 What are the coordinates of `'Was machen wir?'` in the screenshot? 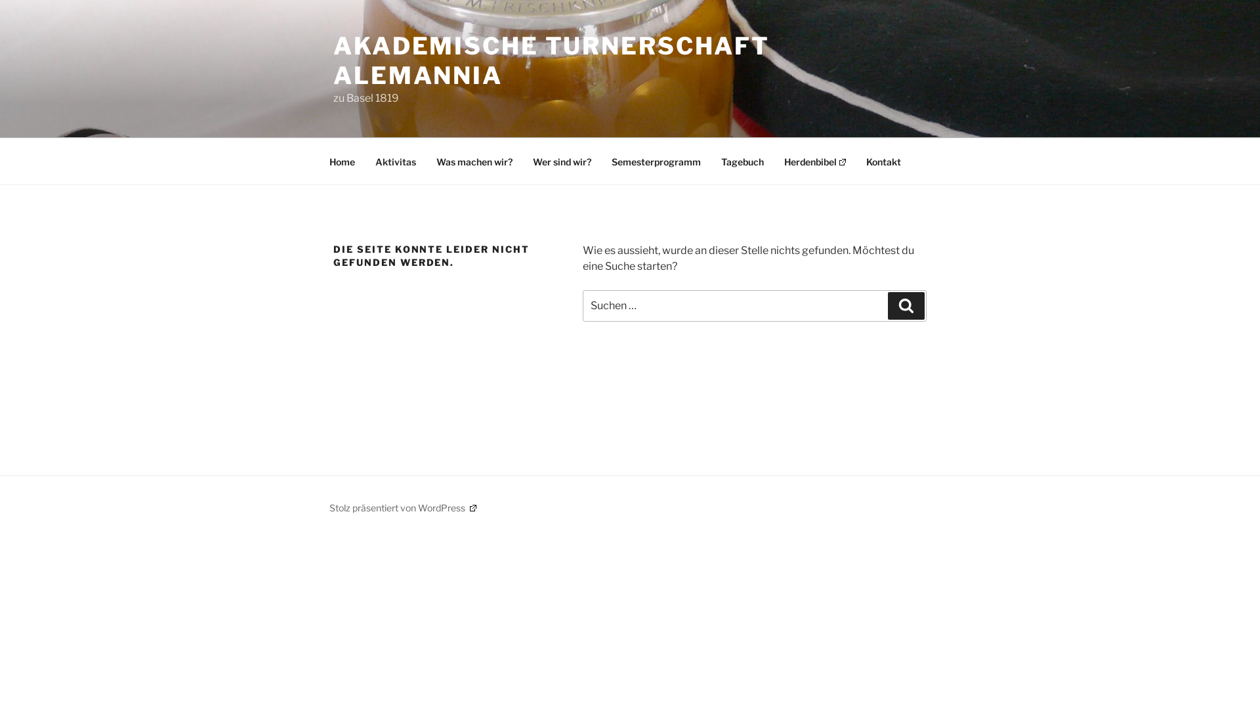 It's located at (474, 161).